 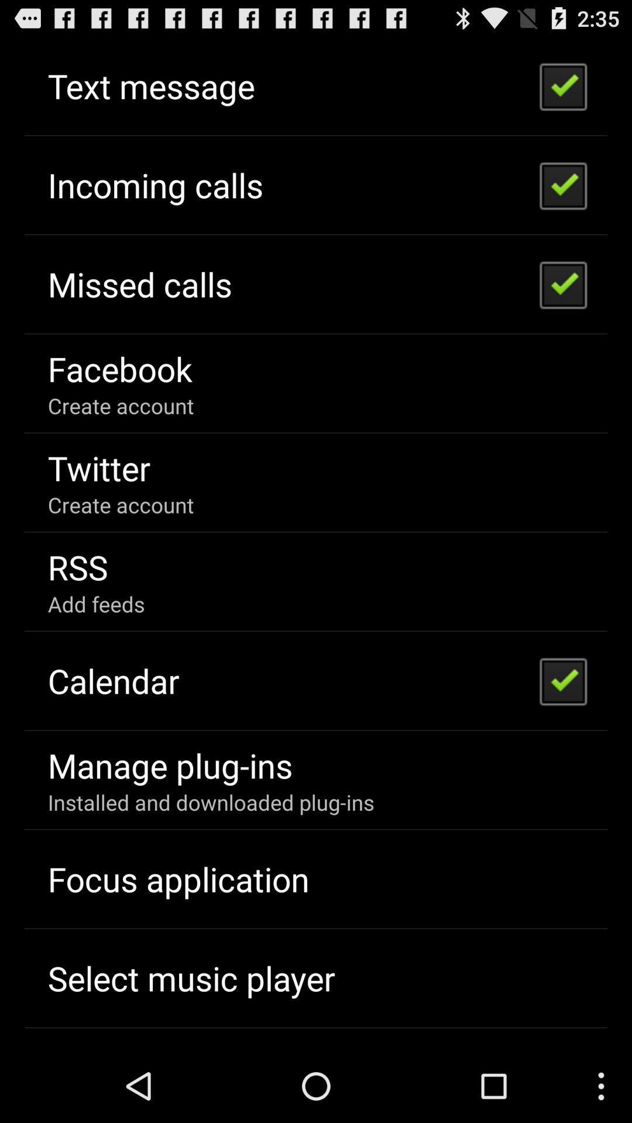 What do you see at coordinates (211, 801) in the screenshot?
I see `the installed and downloaded` at bounding box center [211, 801].